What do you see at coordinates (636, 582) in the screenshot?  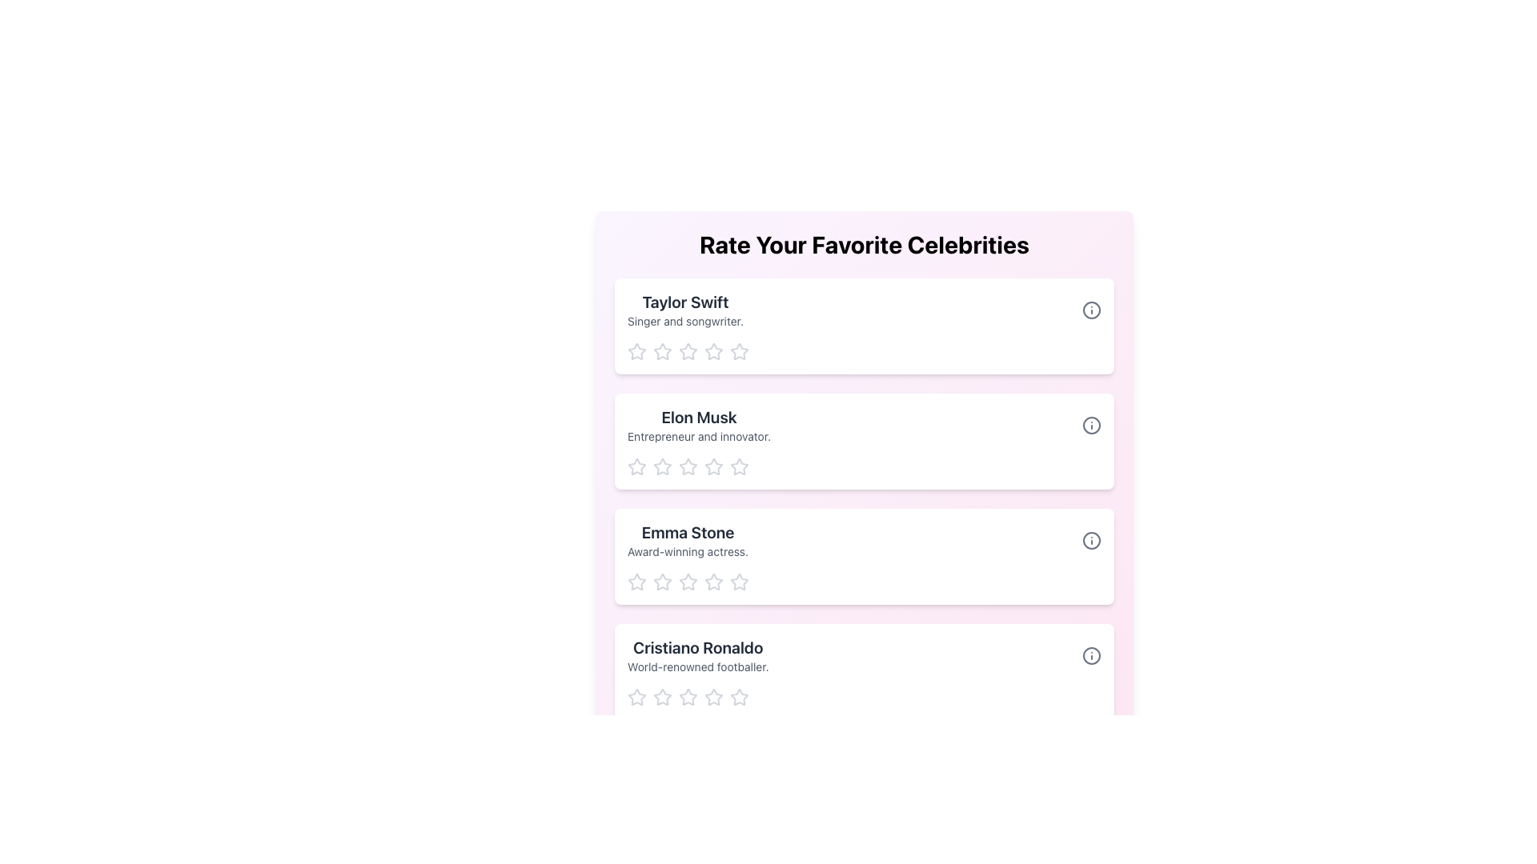 I see `the first rating star icon below the heading 'Emma Stone'` at bounding box center [636, 582].